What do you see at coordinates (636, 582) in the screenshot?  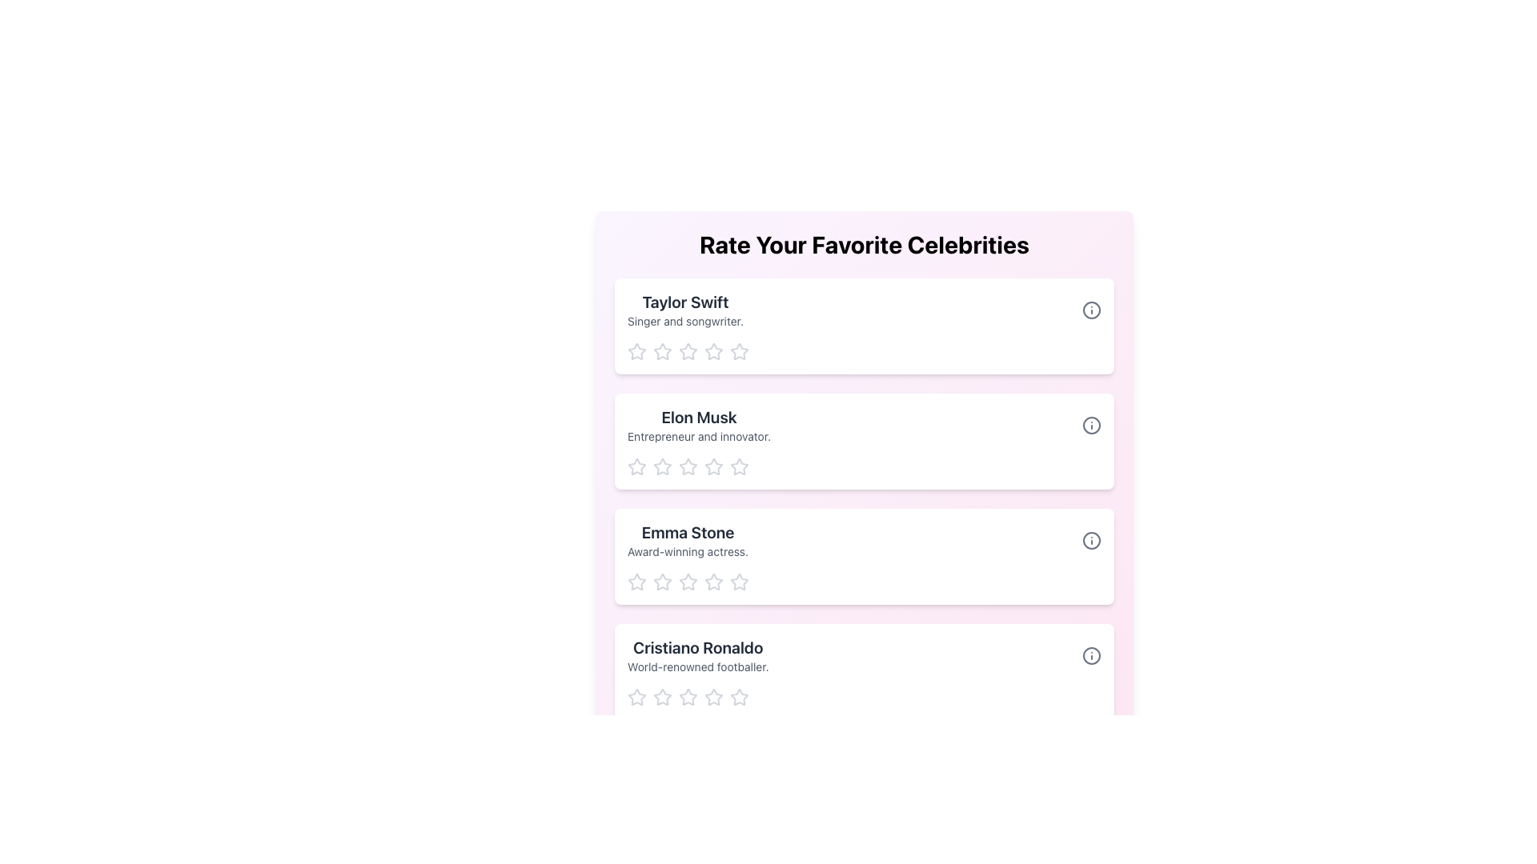 I see `the first rating star icon below the heading 'Emma Stone'` at bounding box center [636, 582].